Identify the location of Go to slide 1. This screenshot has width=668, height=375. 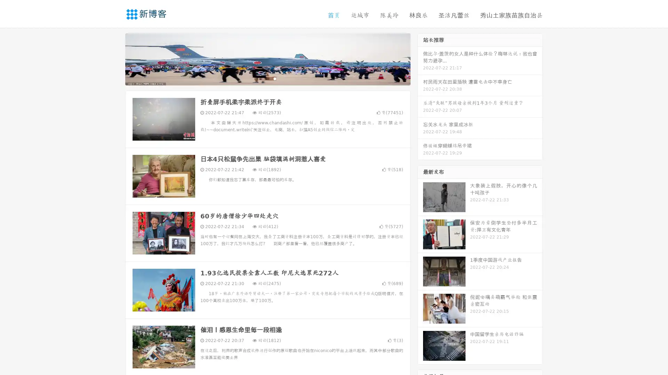
(260, 78).